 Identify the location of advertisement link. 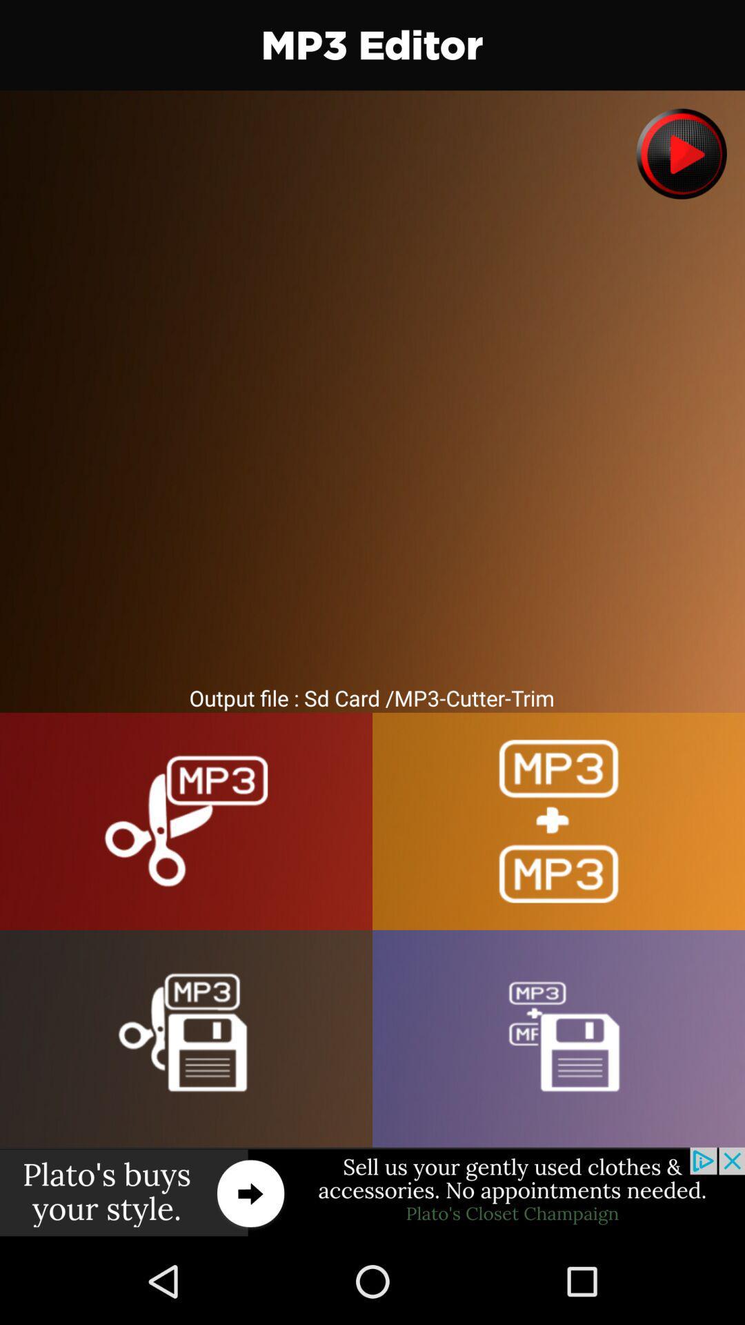
(372, 1192).